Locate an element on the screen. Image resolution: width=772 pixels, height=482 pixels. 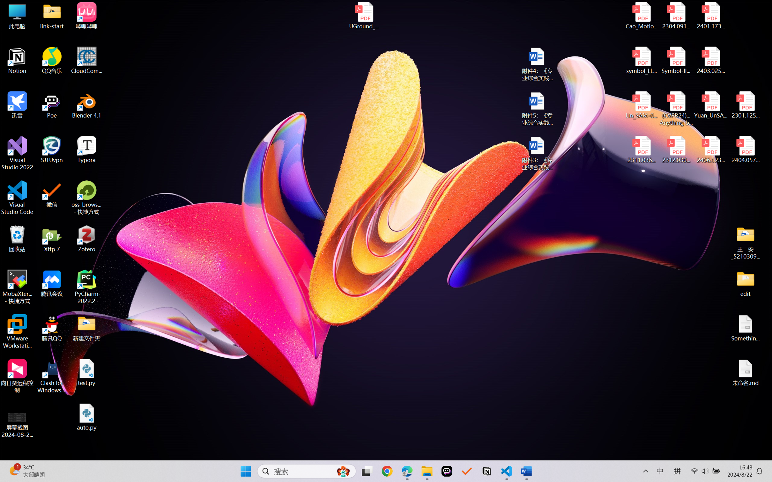
'2406.12373v2.pdf' is located at coordinates (710, 150).